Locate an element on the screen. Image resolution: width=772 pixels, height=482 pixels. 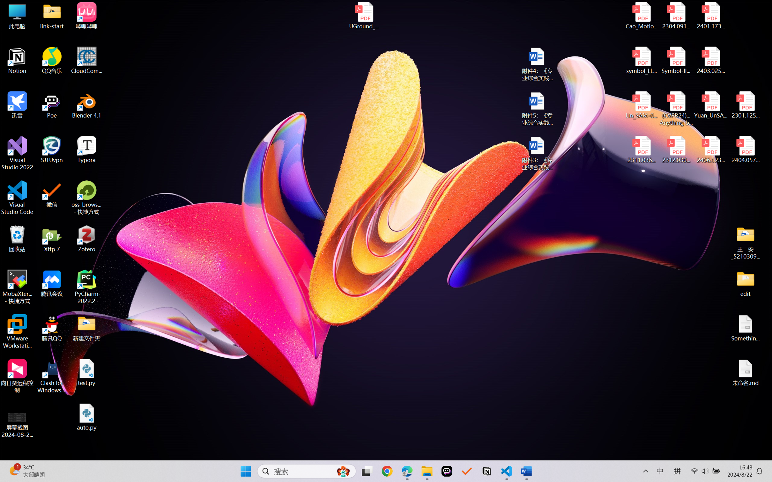
'2406.12373v2.pdf' is located at coordinates (710, 150).